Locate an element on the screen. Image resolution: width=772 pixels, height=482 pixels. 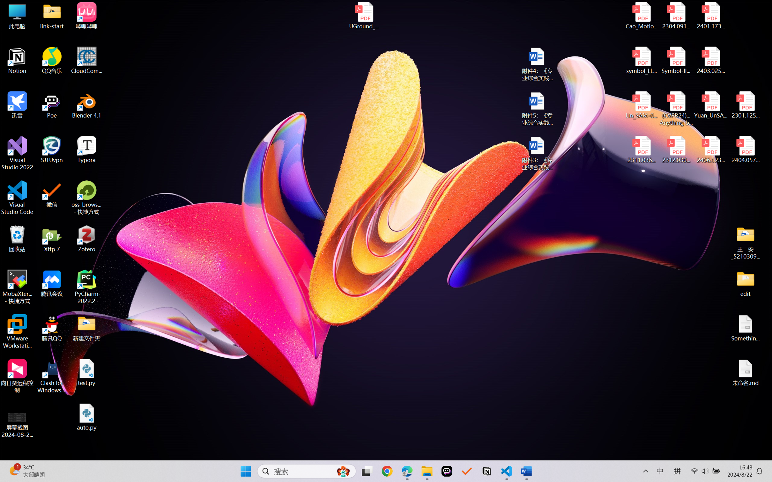
'2406.12373v2.pdf' is located at coordinates (710, 150).